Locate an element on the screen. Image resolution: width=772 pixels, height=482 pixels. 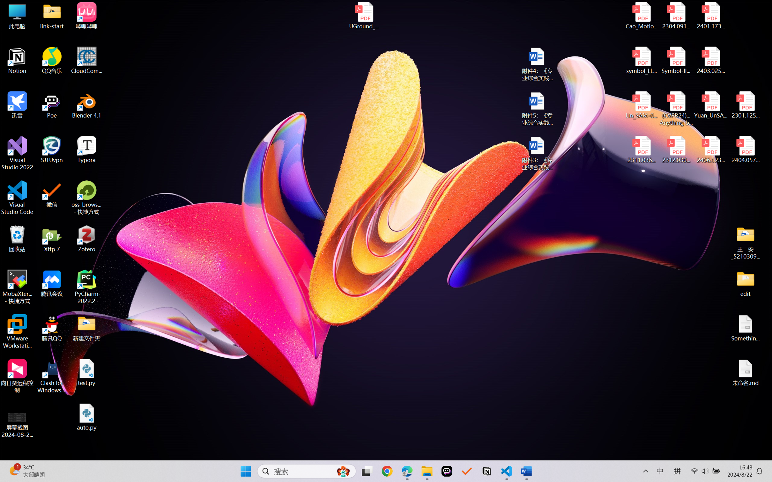
'2406.12373v2.pdf' is located at coordinates (710, 150).